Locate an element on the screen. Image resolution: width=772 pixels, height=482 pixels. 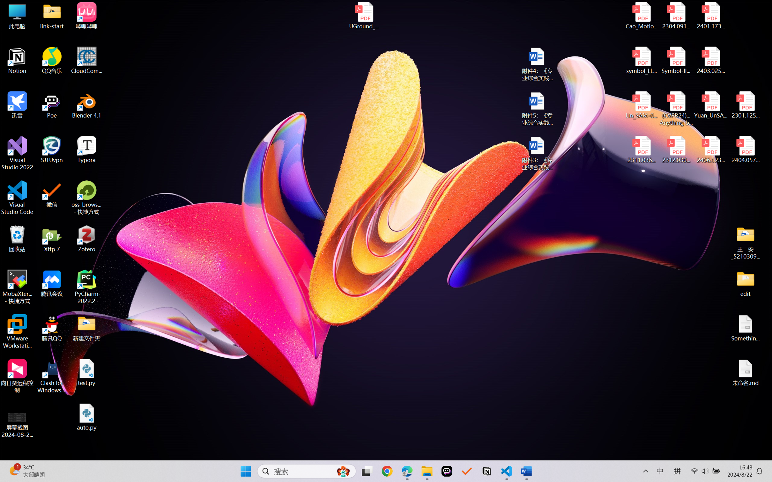
'2406.12373v2.pdf' is located at coordinates (710, 150).